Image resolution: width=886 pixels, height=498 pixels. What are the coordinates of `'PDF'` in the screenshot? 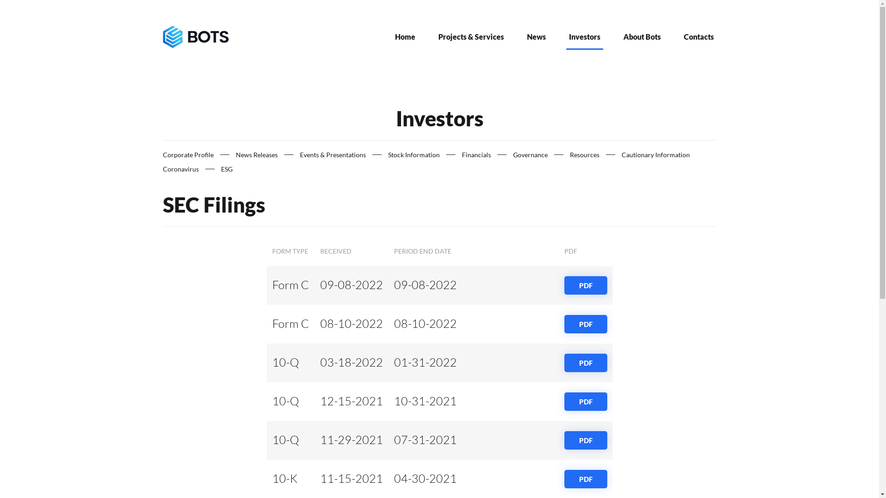 It's located at (585, 362).